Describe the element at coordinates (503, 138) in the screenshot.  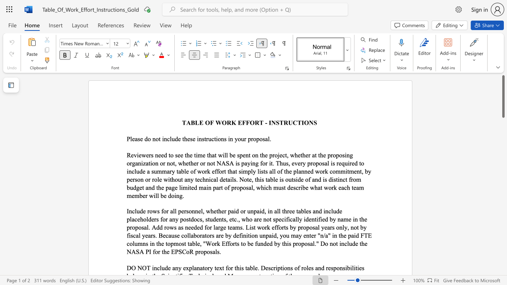
I see `the side scrollbar to bring the page down` at that location.